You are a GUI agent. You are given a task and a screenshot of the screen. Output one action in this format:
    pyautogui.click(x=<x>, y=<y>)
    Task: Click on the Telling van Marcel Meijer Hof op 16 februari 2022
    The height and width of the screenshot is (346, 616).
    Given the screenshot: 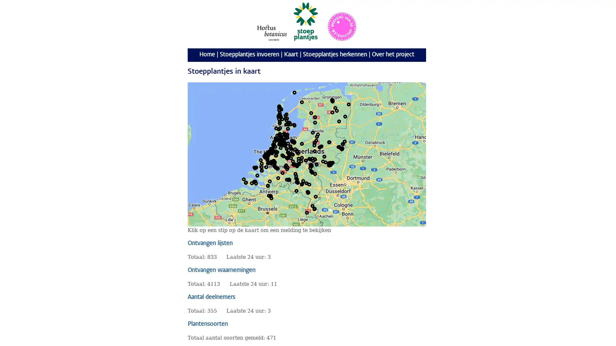 What is the action you would take?
    pyautogui.click(x=341, y=148)
    